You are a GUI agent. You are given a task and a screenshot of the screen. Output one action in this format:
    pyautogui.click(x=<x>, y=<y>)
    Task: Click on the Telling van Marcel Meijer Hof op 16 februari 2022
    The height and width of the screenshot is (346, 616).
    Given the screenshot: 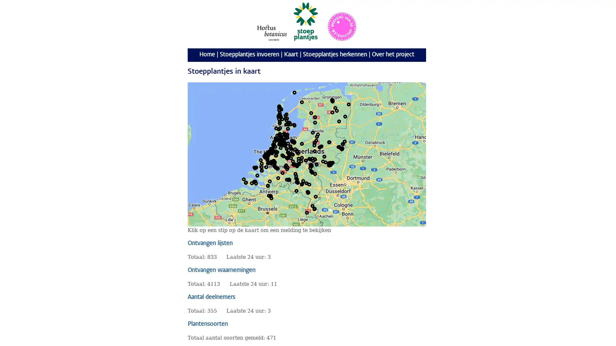 What is the action you would take?
    pyautogui.click(x=341, y=148)
    